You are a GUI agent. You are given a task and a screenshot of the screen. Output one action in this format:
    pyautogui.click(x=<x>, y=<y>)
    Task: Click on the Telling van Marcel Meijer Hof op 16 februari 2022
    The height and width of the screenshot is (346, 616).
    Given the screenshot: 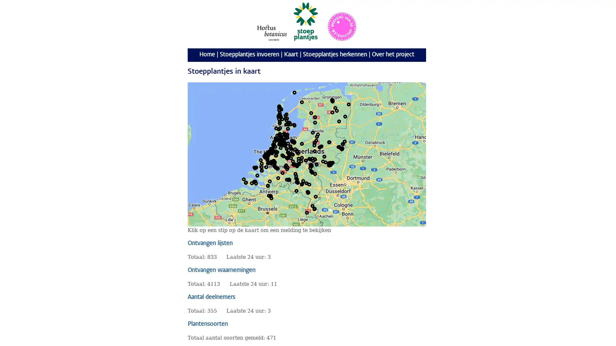 What is the action you would take?
    pyautogui.click(x=341, y=148)
    